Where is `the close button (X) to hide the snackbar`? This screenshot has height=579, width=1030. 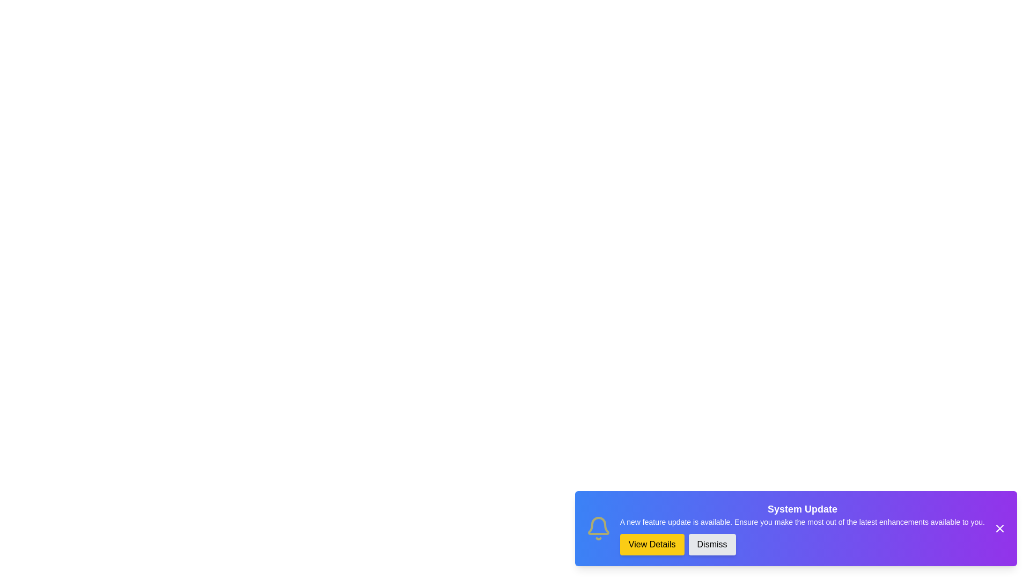
the close button (X) to hide the snackbar is located at coordinates (999, 528).